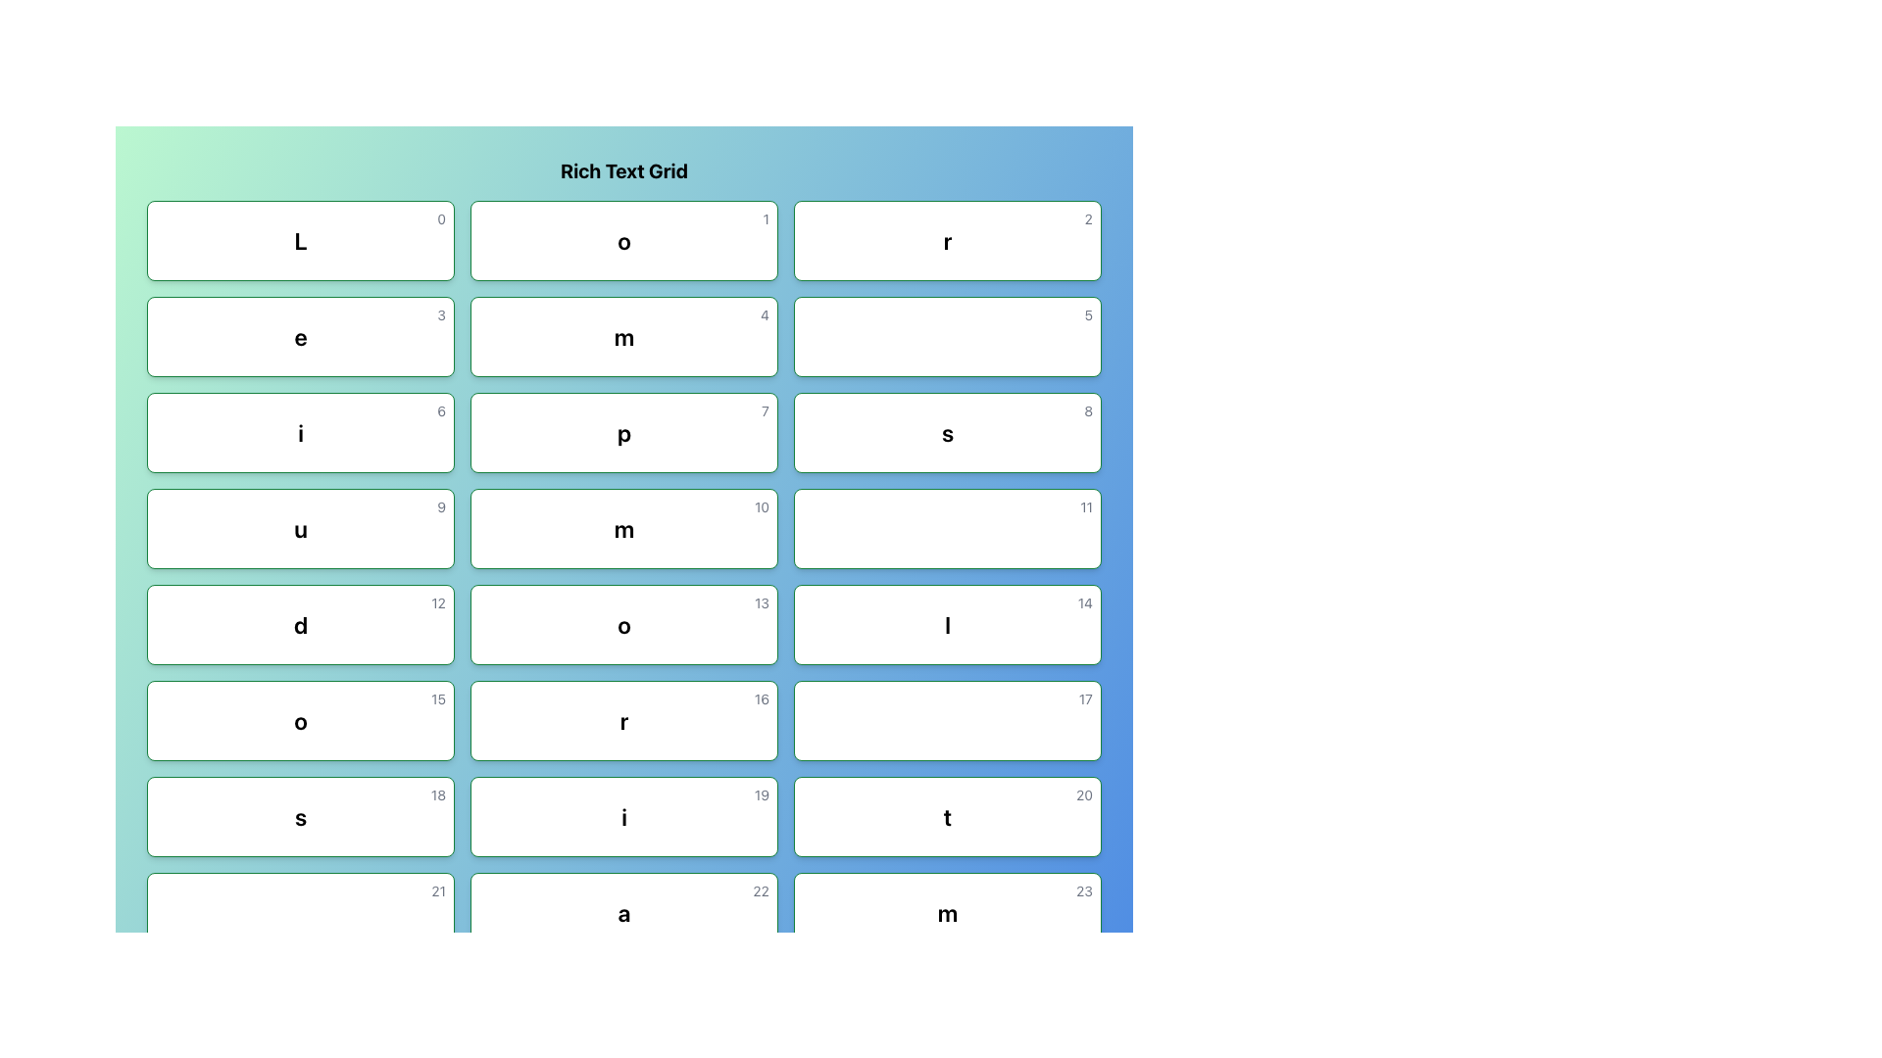 This screenshot has width=1882, height=1058. I want to click on the Card element located in the grid, which is in the fourth position of the second row, serving as a selectable item, so click(300, 529).